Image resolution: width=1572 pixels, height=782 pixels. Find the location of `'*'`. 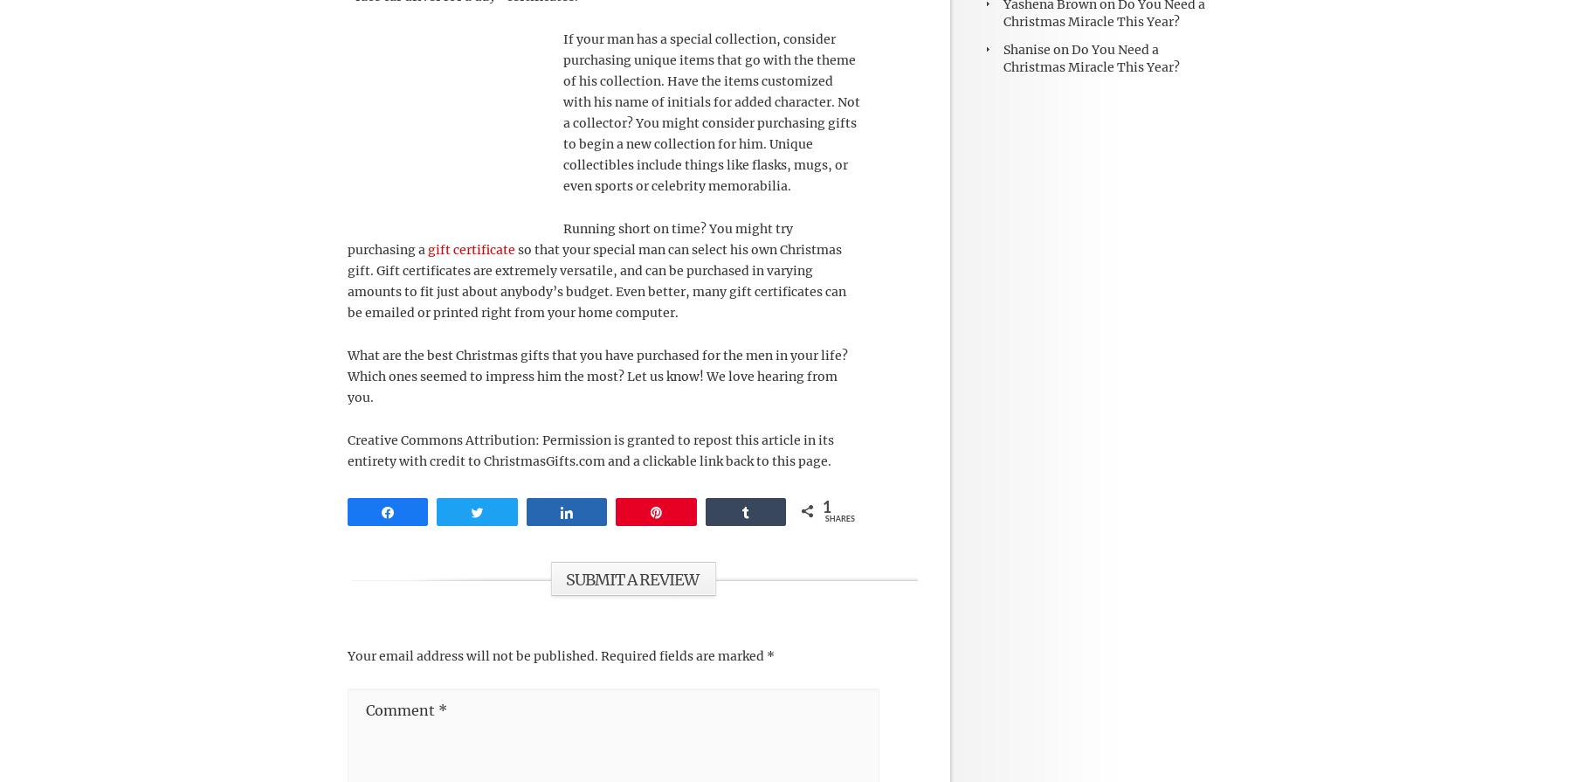

'*' is located at coordinates (770, 654).